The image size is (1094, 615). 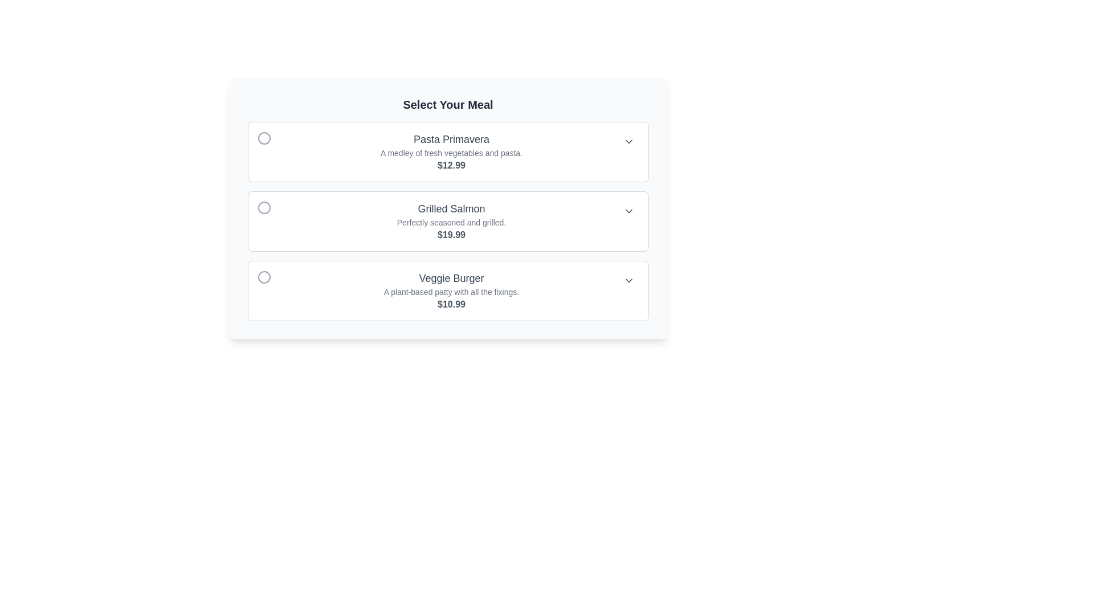 I want to click on the circular radiobutton for the 'Veggie Burger' option, so click(x=263, y=277).